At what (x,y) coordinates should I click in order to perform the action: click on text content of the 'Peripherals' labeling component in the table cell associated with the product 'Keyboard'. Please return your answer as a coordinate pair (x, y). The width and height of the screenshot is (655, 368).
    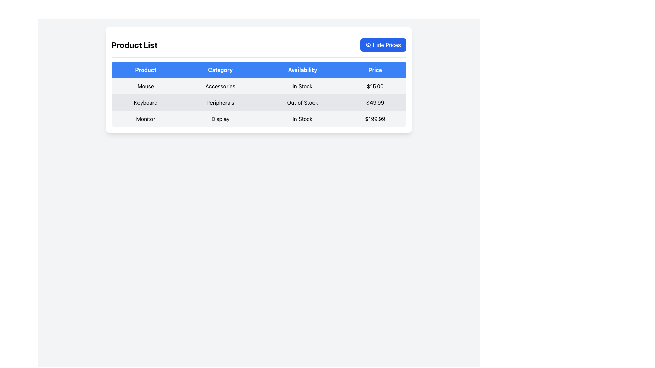
    Looking at the image, I should click on (220, 102).